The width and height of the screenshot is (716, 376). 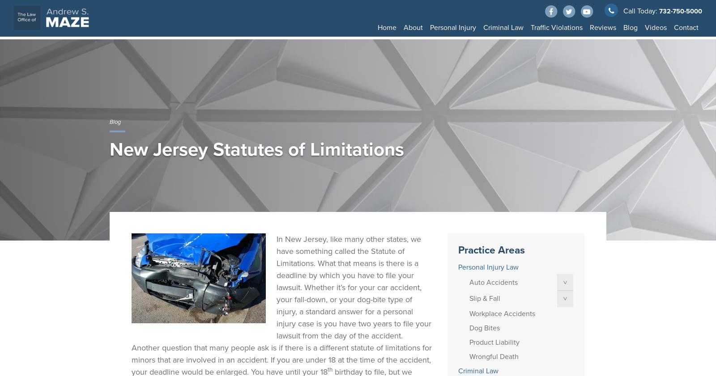 I want to click on 'First Offense', so click(x=616, y=45).